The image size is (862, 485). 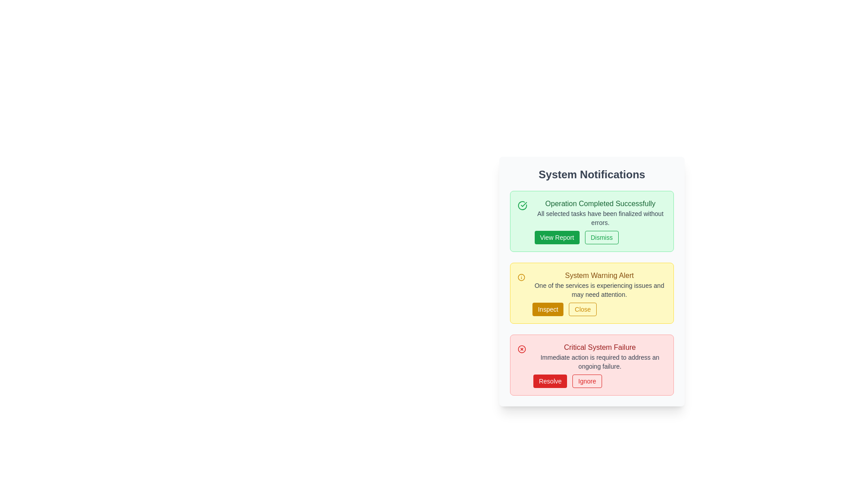 What do you see at coordinates (587, 381) in the screenshot?
I see `the second button in the 'Critical System Failure' alert notification panel` at bounding box center [587, 381].